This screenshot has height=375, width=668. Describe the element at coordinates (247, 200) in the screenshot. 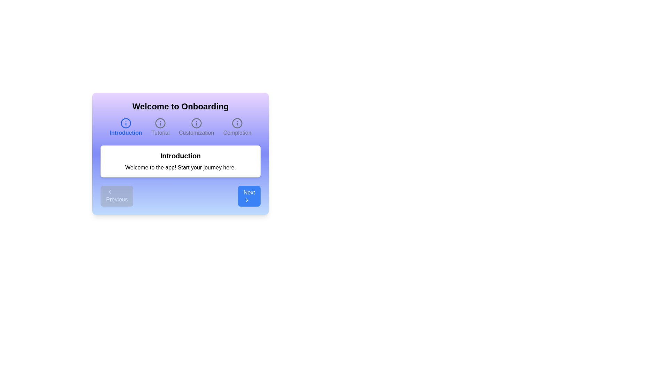

I see `the rightward-pointing chevron icon (arrowhead) inside the blue 'Next' button located at the lower-right corner of the modal interface` at that location.